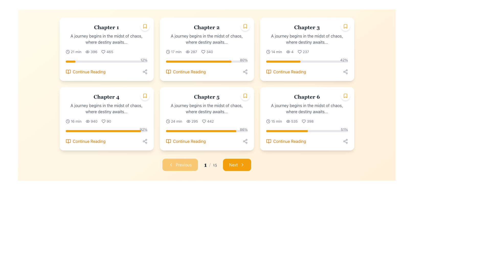  I want to click on the text label displaying the chapter preview: 'A journey begins in the midst of chaos, where destiny awaits...', located beneath 'Chapter 2' in the second column of the top row in the grid of chapters, so click(207, 39).